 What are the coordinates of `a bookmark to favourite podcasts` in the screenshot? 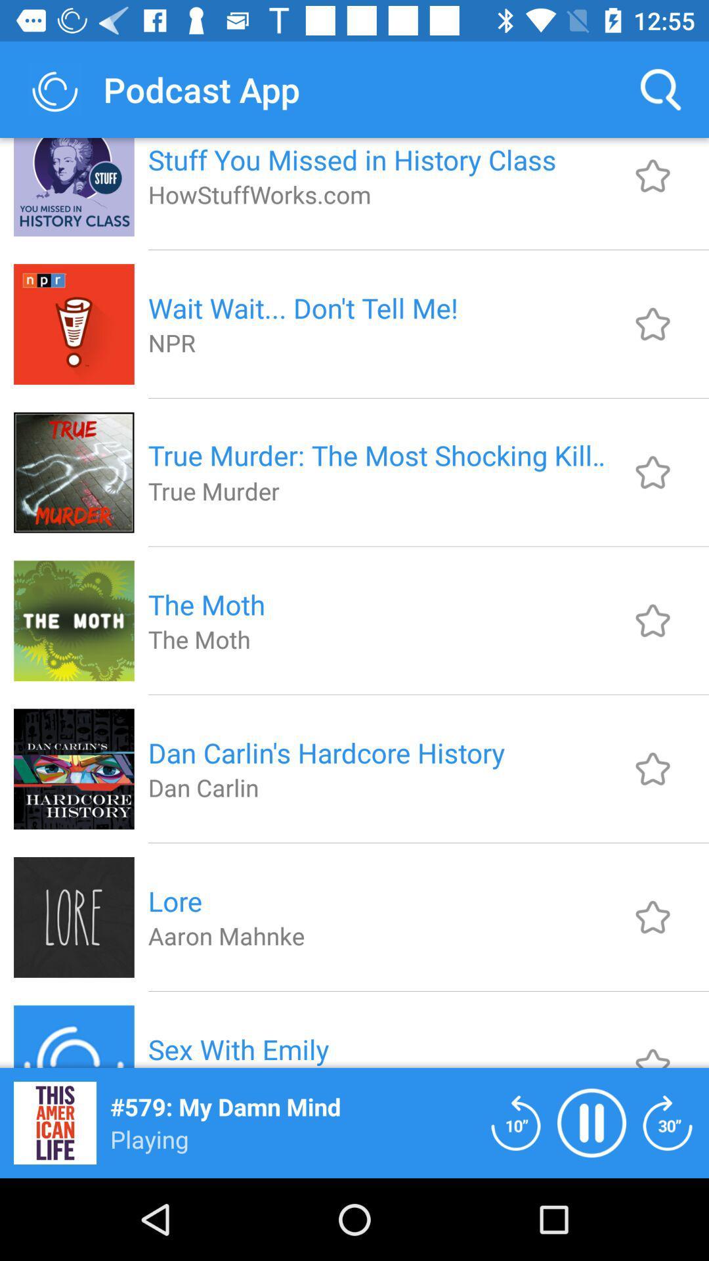 It's located at (653, 175).